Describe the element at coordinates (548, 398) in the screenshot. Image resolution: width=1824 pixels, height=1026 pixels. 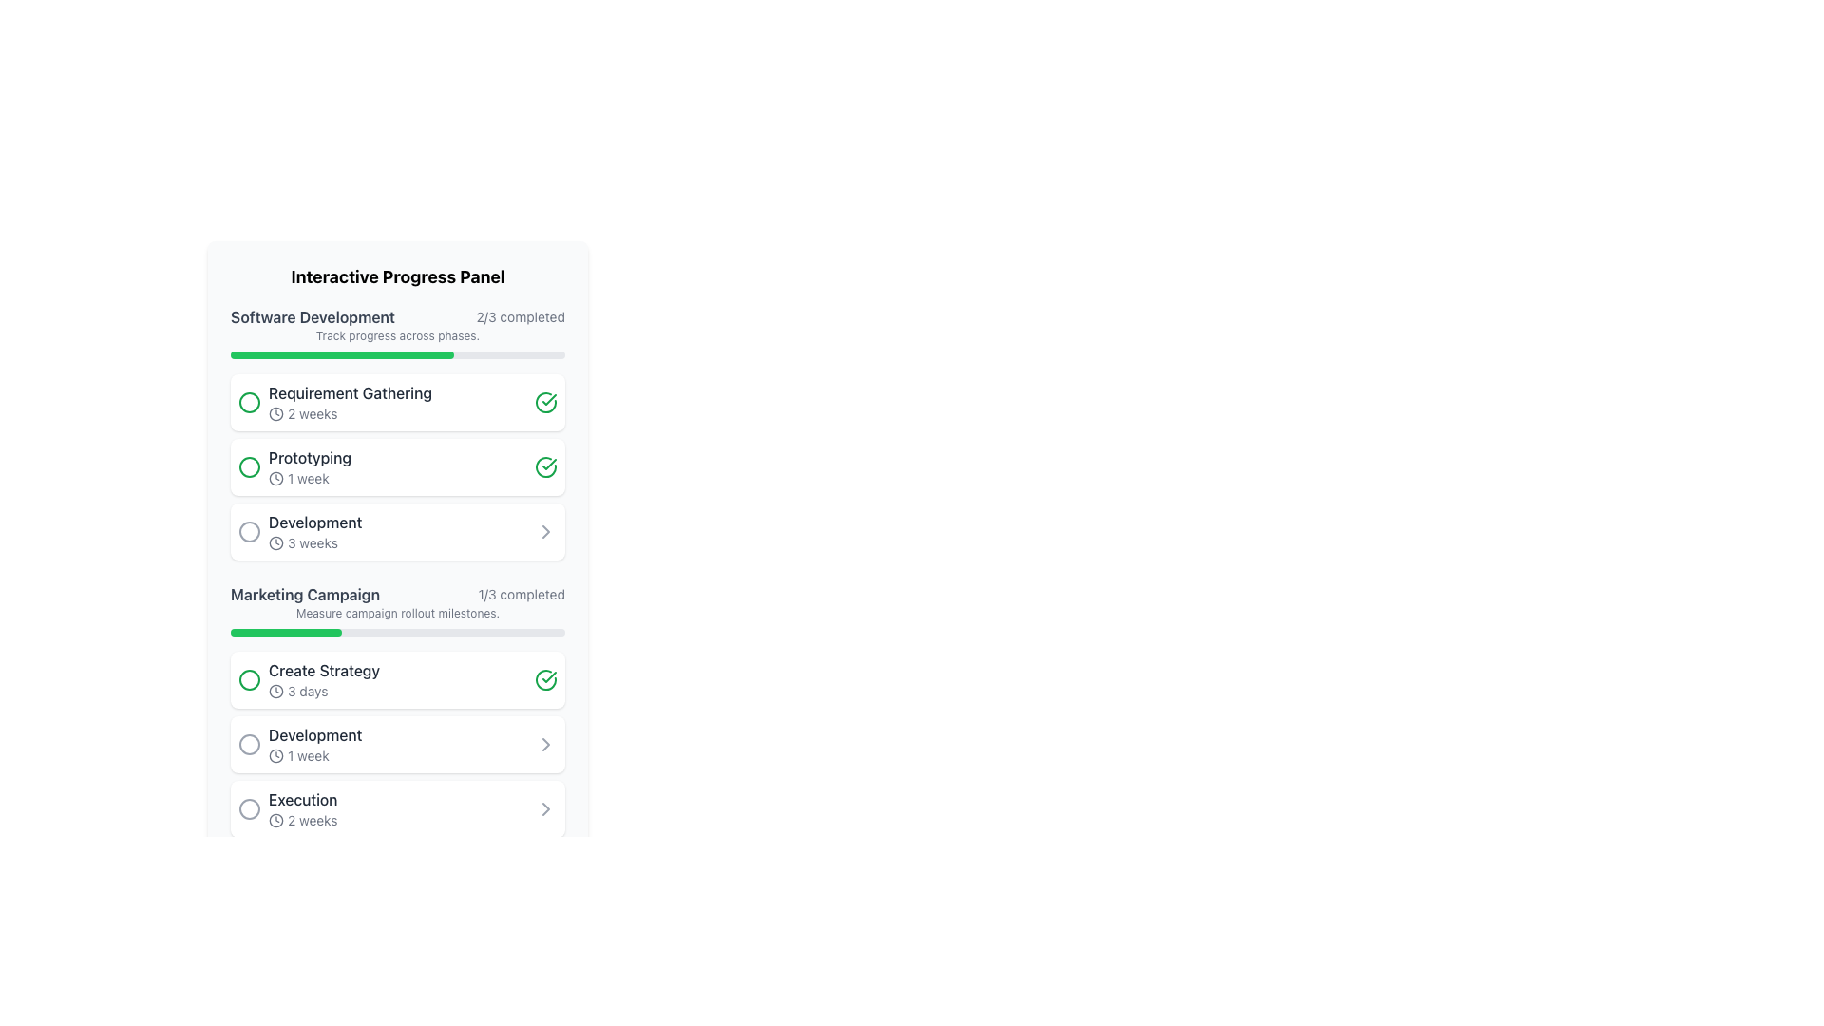
I see `the green checkmark icon located at the far-right end of the 'Software Development' list, adjacent to the 'Prototyping' item` at that location.